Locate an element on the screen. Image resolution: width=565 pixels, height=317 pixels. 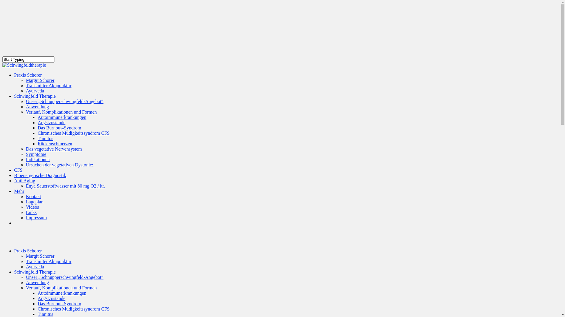
'Symptome' is located at coordinates (36, 154).